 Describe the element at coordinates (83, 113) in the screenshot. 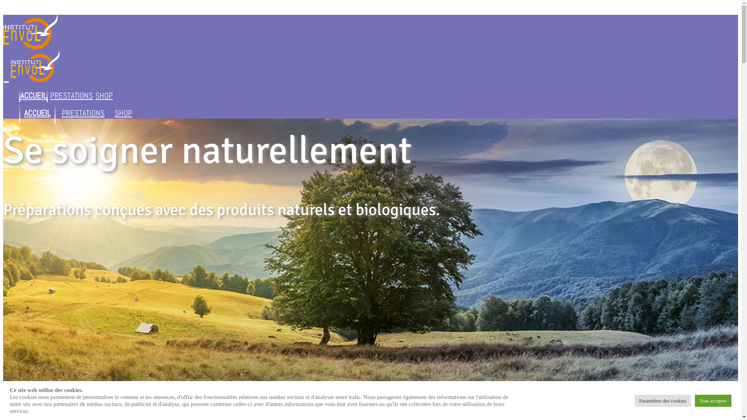

I see `'PRESTATIONS'` at that location.